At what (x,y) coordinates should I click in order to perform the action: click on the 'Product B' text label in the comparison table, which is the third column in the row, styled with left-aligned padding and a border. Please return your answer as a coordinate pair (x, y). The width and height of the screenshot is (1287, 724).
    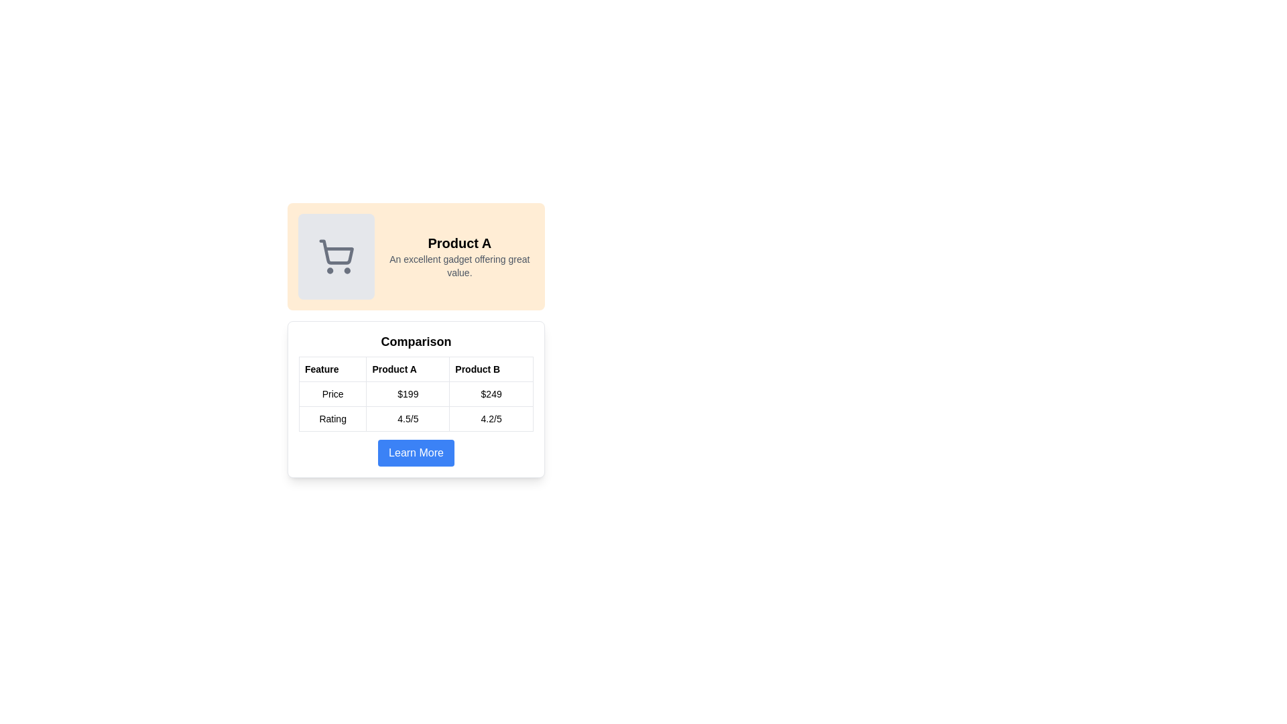
    Looking at the image, I should click on (491, 369).